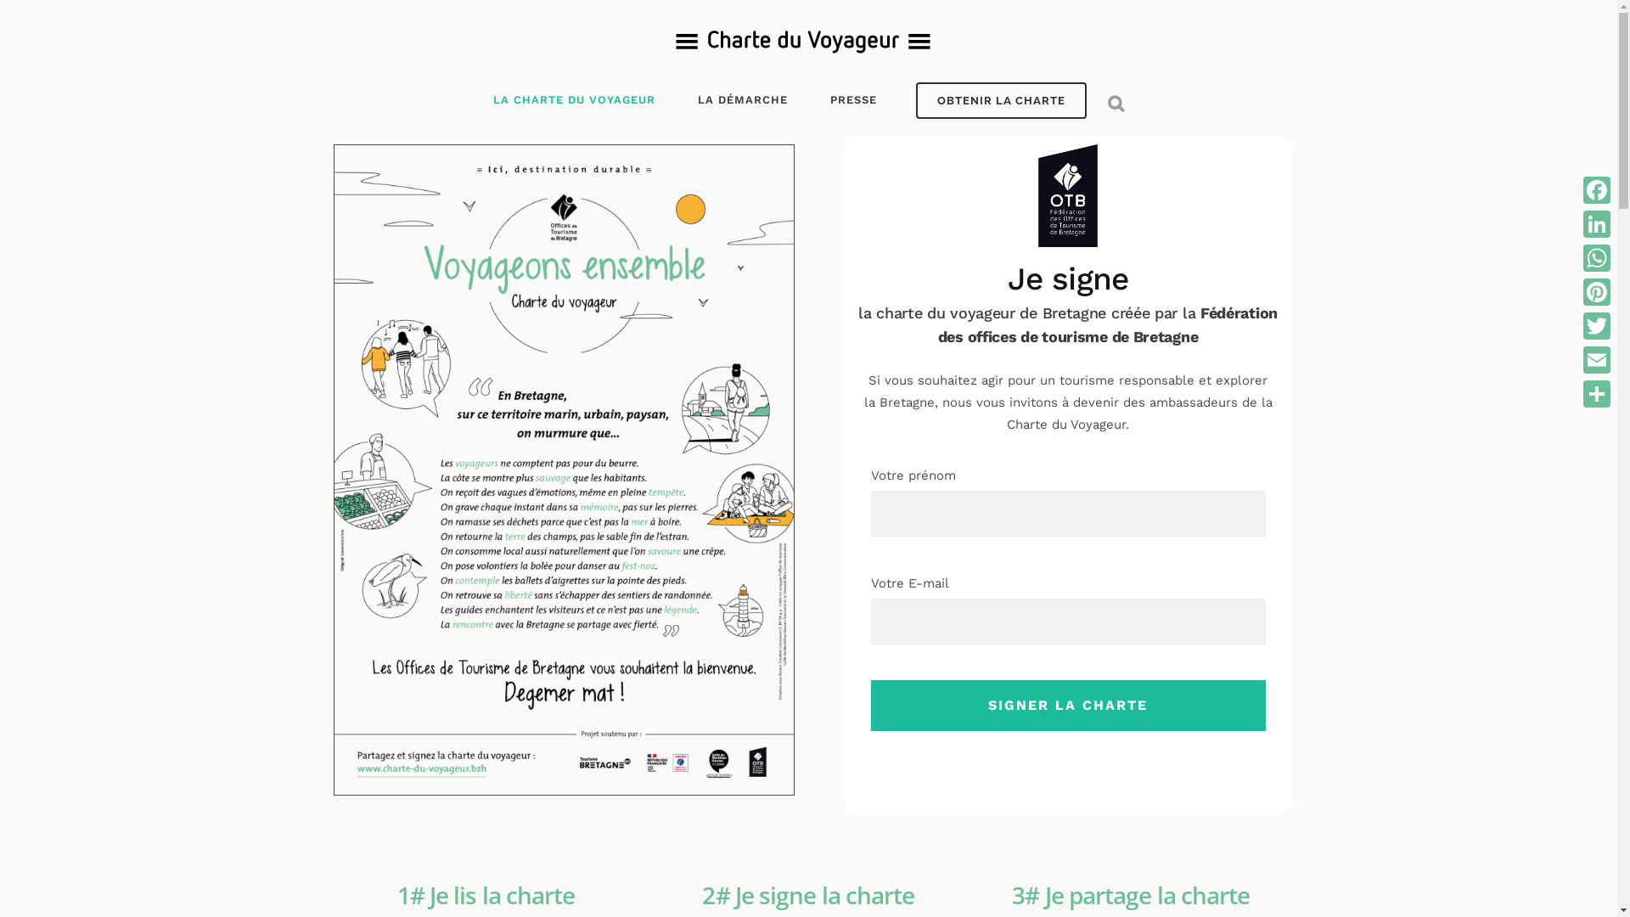  What do you see at coordinates (583, 100) in the screenshot?
I see `'LA CHARTE DU VOYAGEUR'` at bounding box center [583, 100].